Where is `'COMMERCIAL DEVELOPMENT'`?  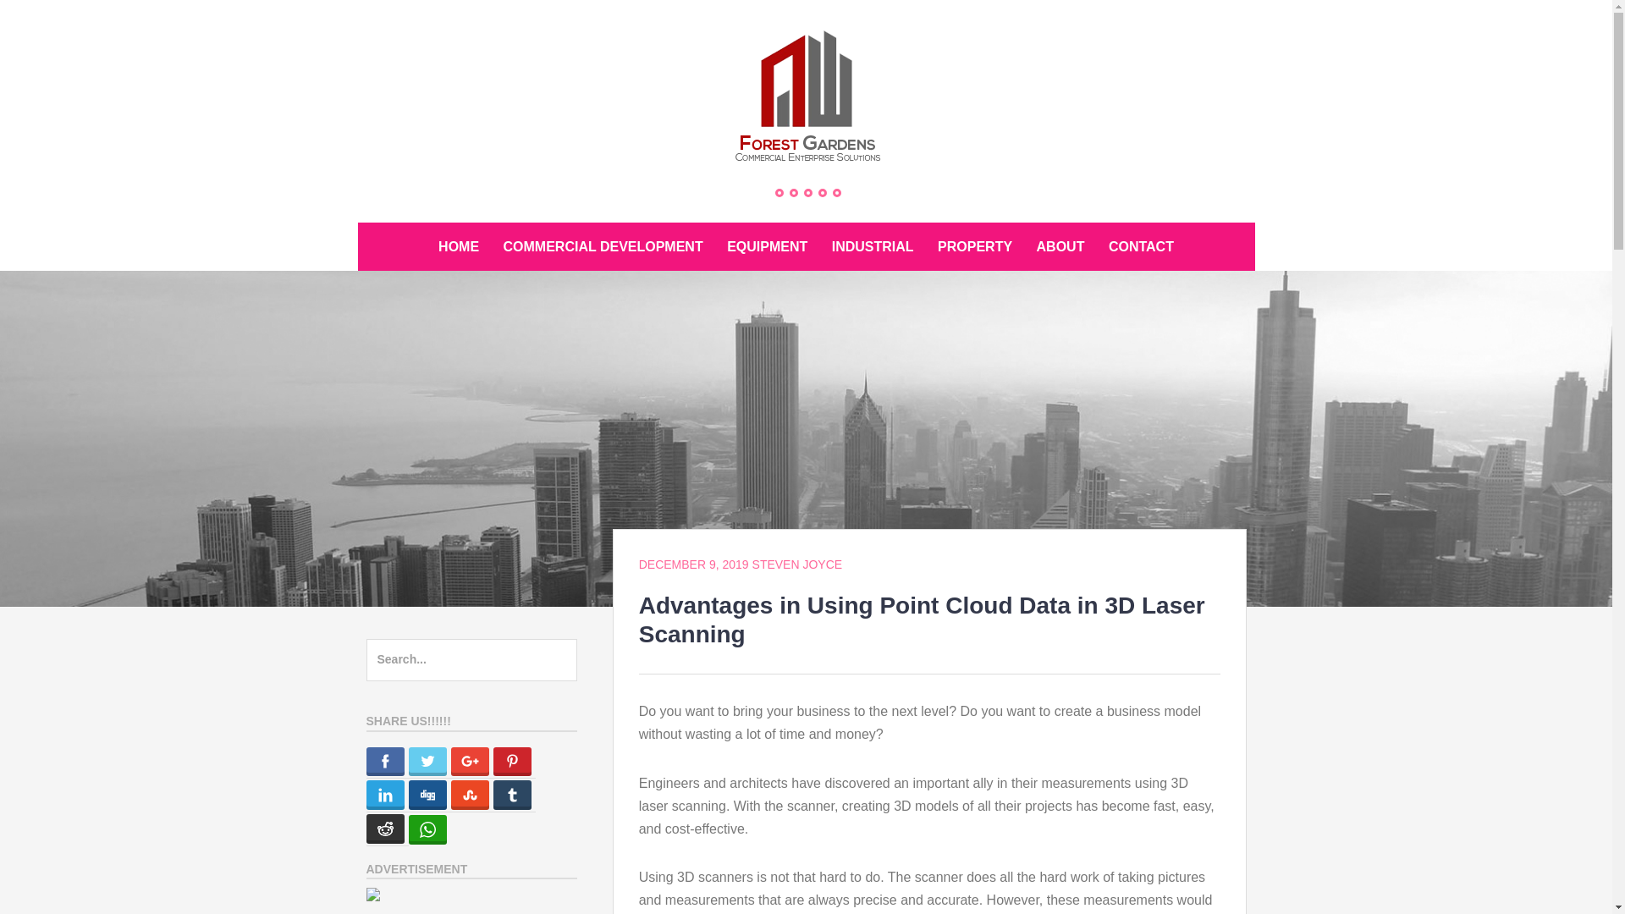
'COMMERCIAL DEVELOPMENT' is located at coordinates (492, 246).